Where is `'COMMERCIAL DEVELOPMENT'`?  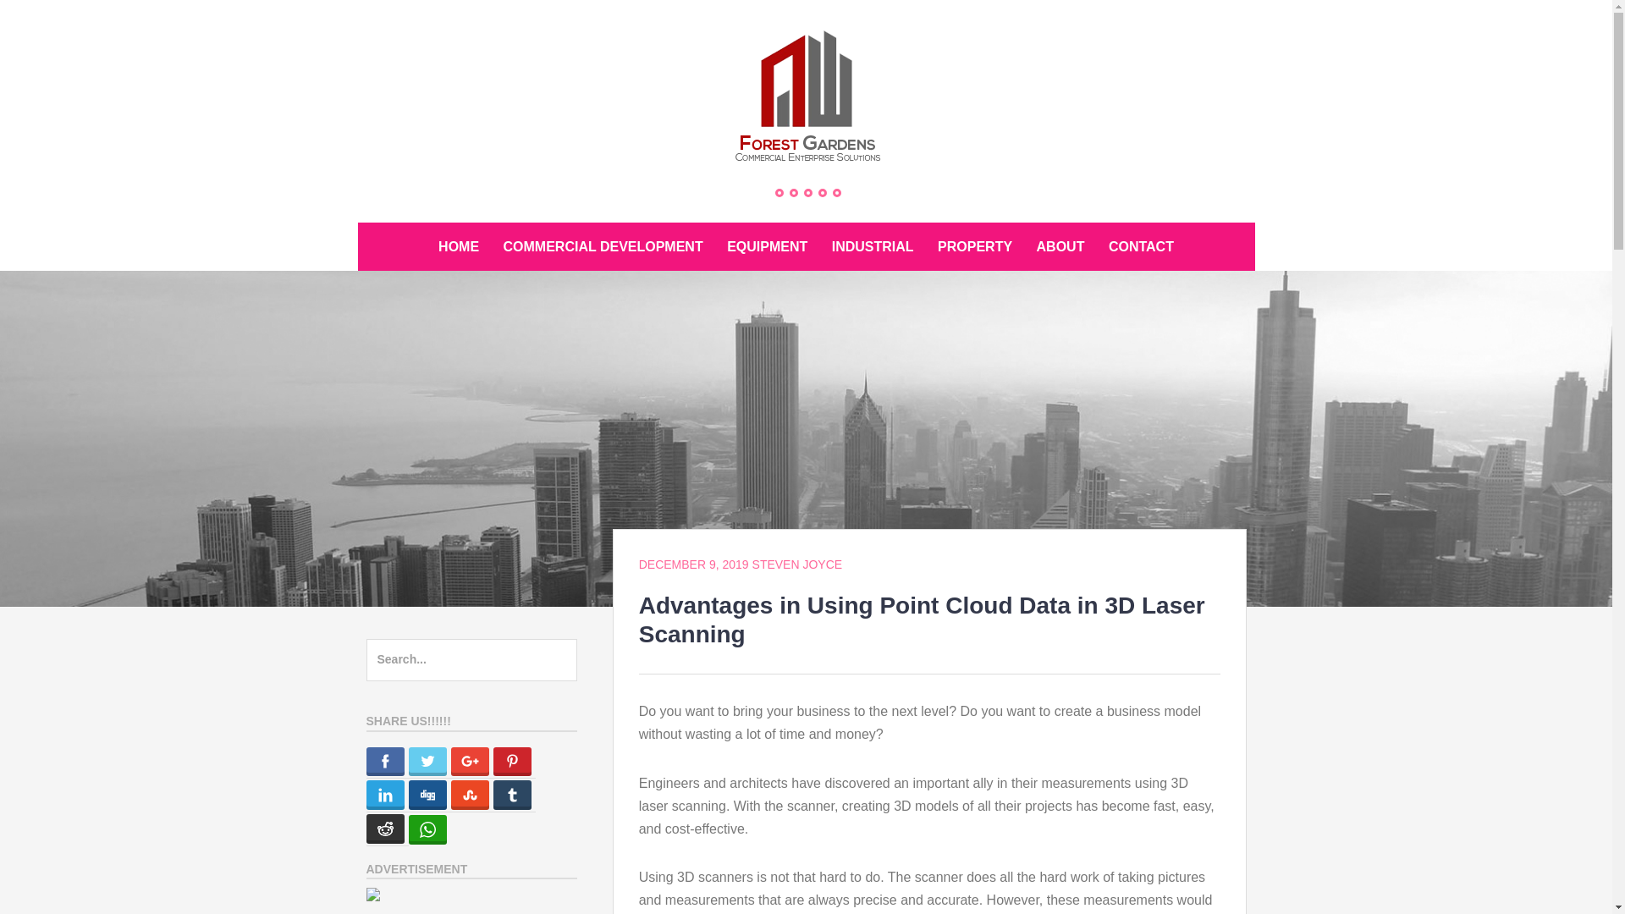
'COMMERCIAL DEVELOPMENT' is located at coordinates (492, 246).